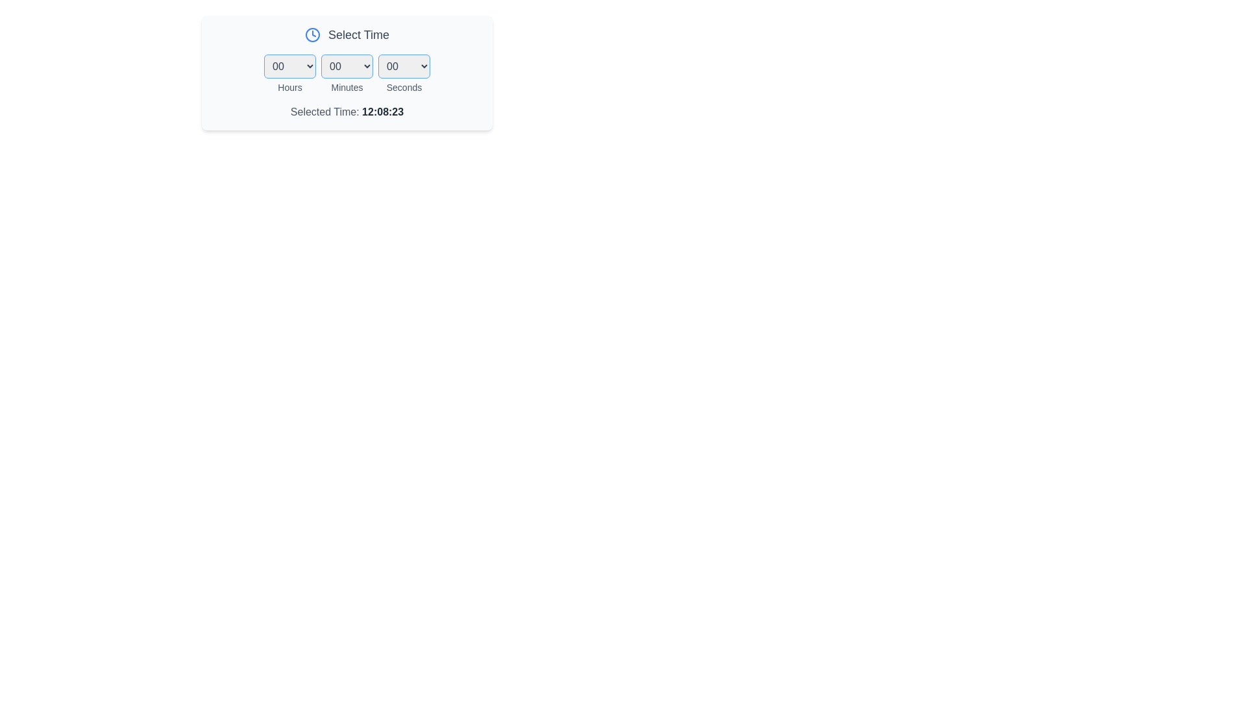  What do you see at coordinates (358, 34) in the screenshot?
I see `text label that serves as a heading for the time selection section, located above the dropdown controls and to the right of the clock icon` at bounding box center [358, 34].